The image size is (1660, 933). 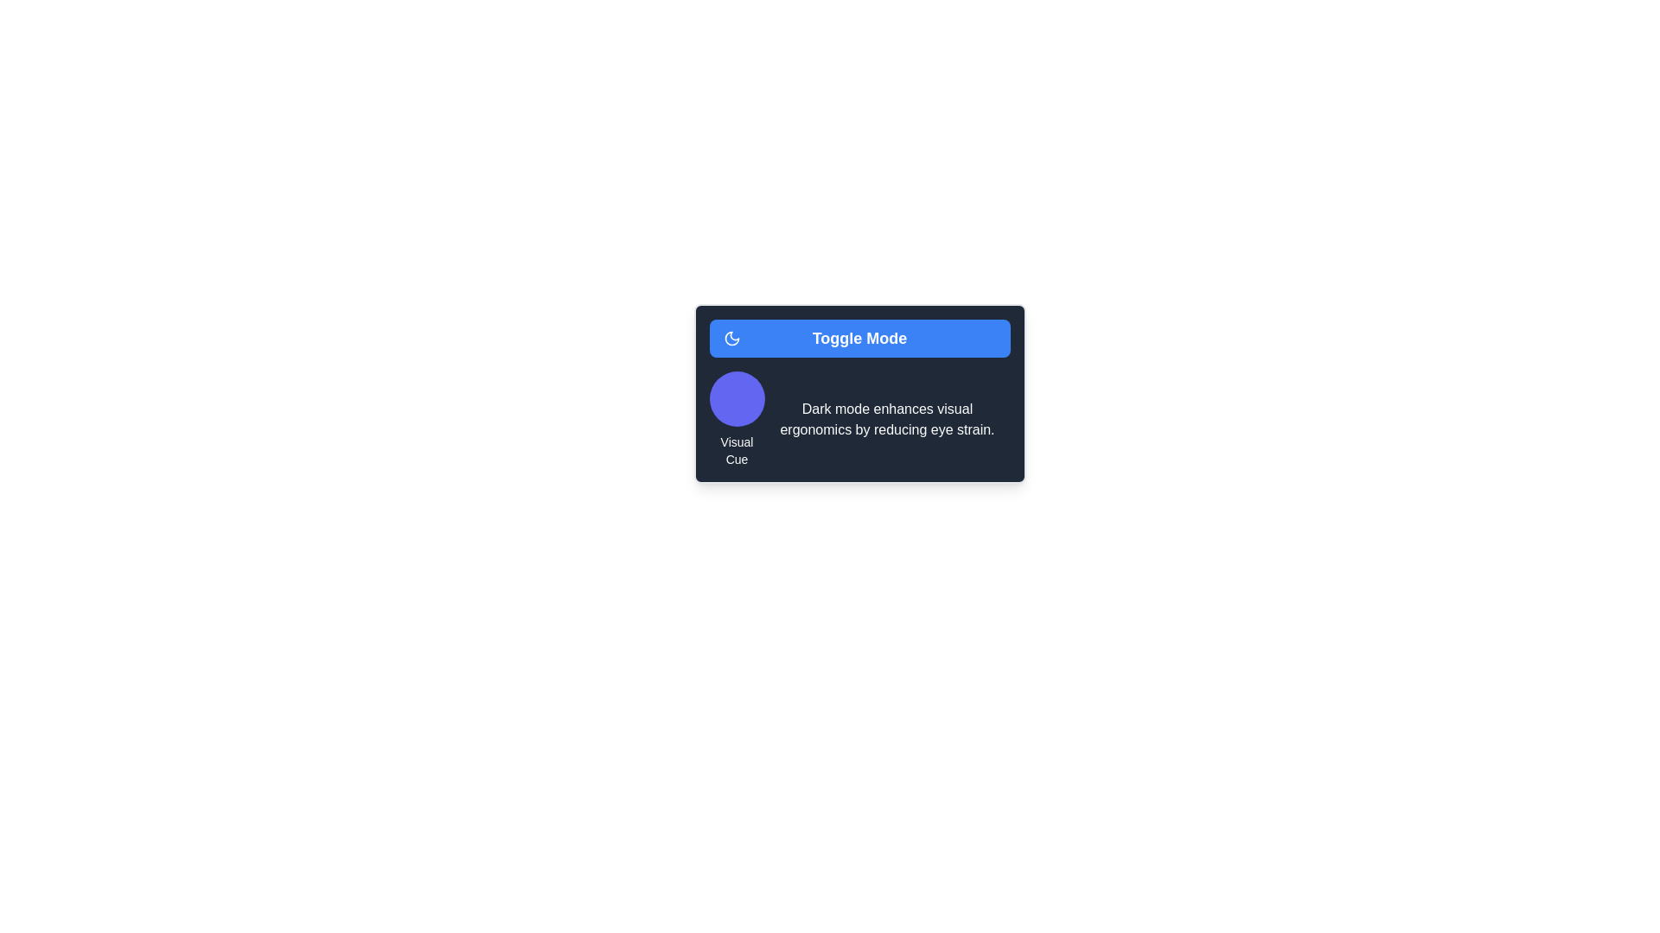 I want to click on text content of the text block displaying the message: 'Dark mode enhances visual ergonomics by reducing eye strain.', so click(x=887, y=420).